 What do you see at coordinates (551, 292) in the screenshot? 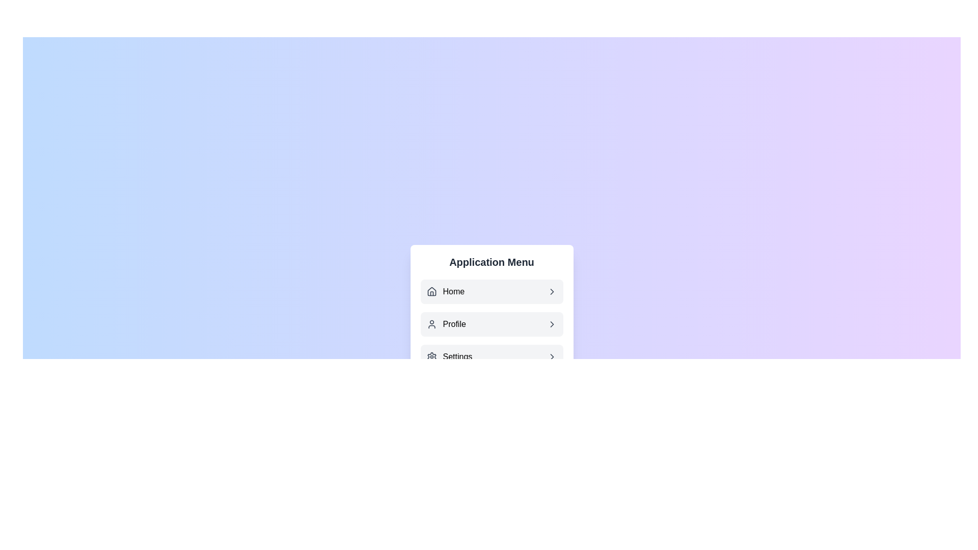
I see `the small triangular-shaped right chevron icon indicating navigation, located to the far-right within the 'Home' button menu option` at bounding box center [551, 292].